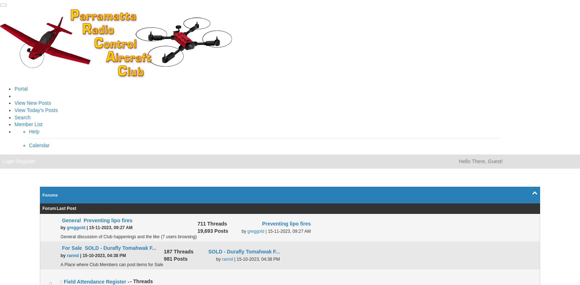 This screenshot has height=285, width=580. Describe the element at coordinates (178, 236) in the screenshot. I see `'(7 users browsing)'` at that location.